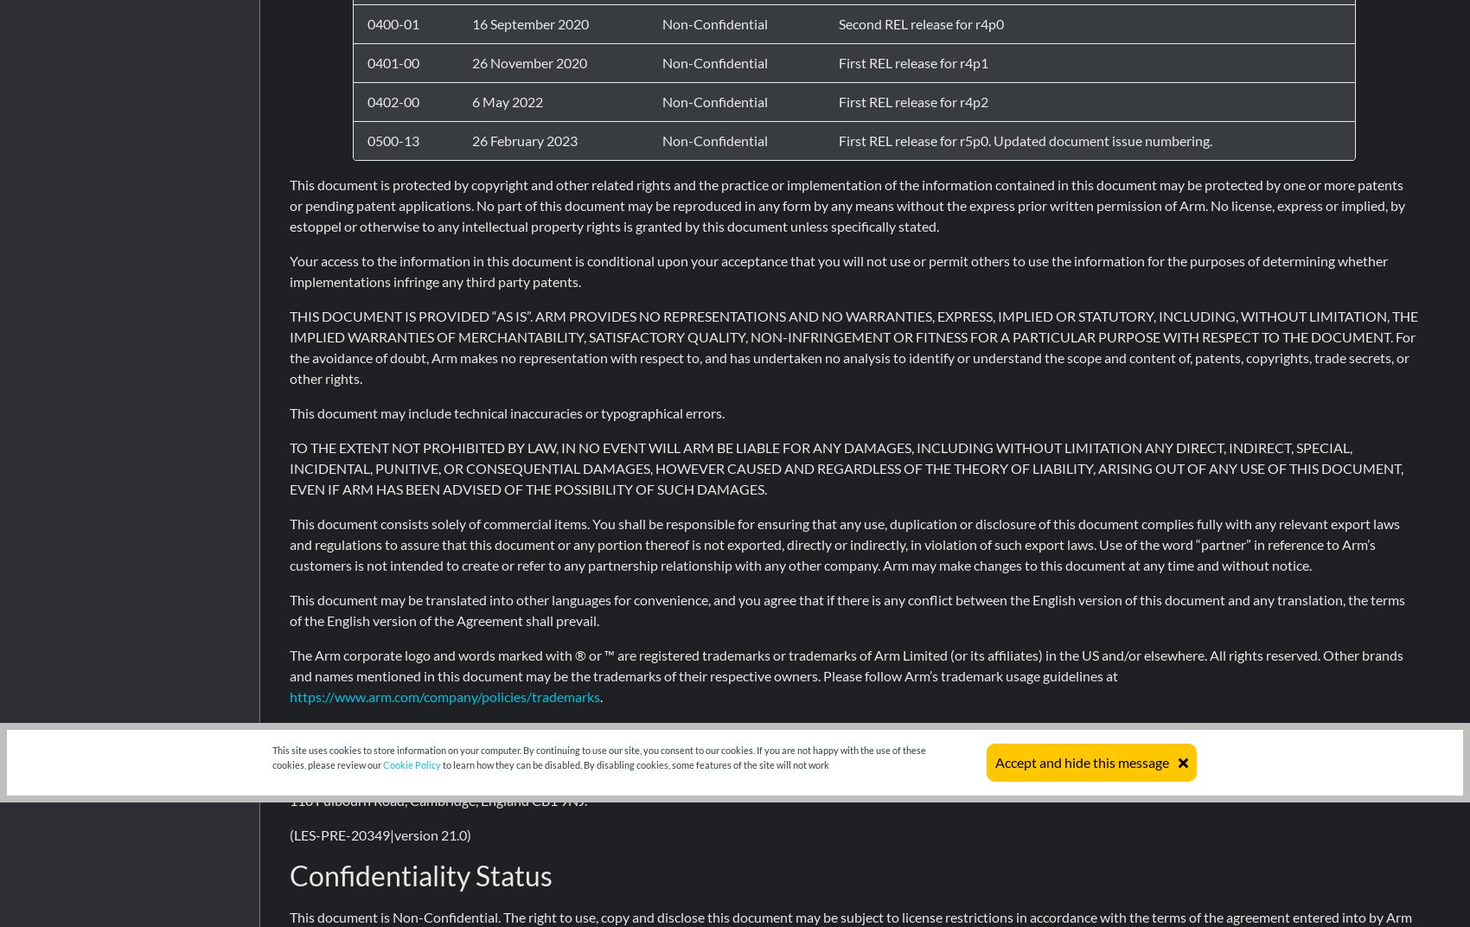 The width and height of the screenshot is (1470, 927). Describe the element at coordinates (911, 101) in the screenshot. I see `'First REL release for r4p2'` at that location.